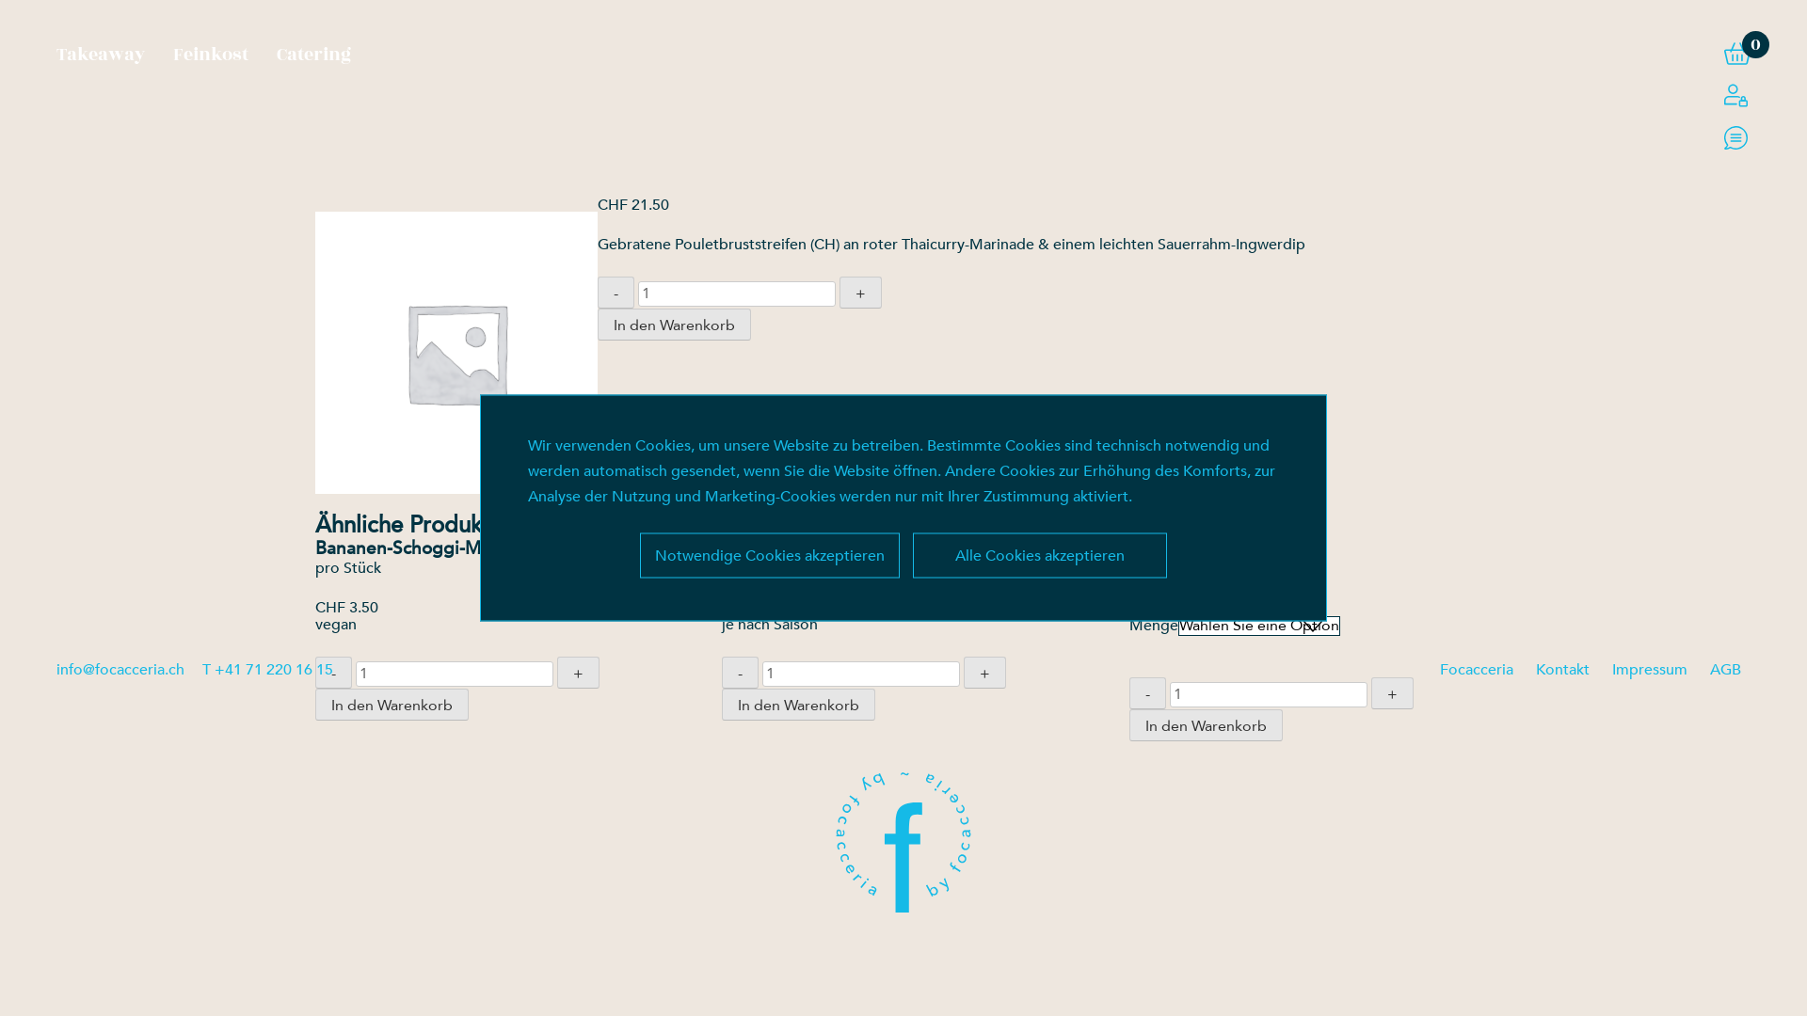 This screenshot has height=1016, width=1807. I want to click on 'In den Warenkorb', so click(391, 704).